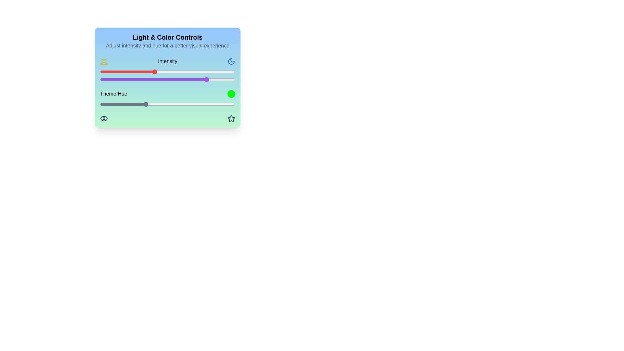 Image resolution: width=624 pixels, height=351 pixels. I want to click on the theme hue, so click(133, 104).